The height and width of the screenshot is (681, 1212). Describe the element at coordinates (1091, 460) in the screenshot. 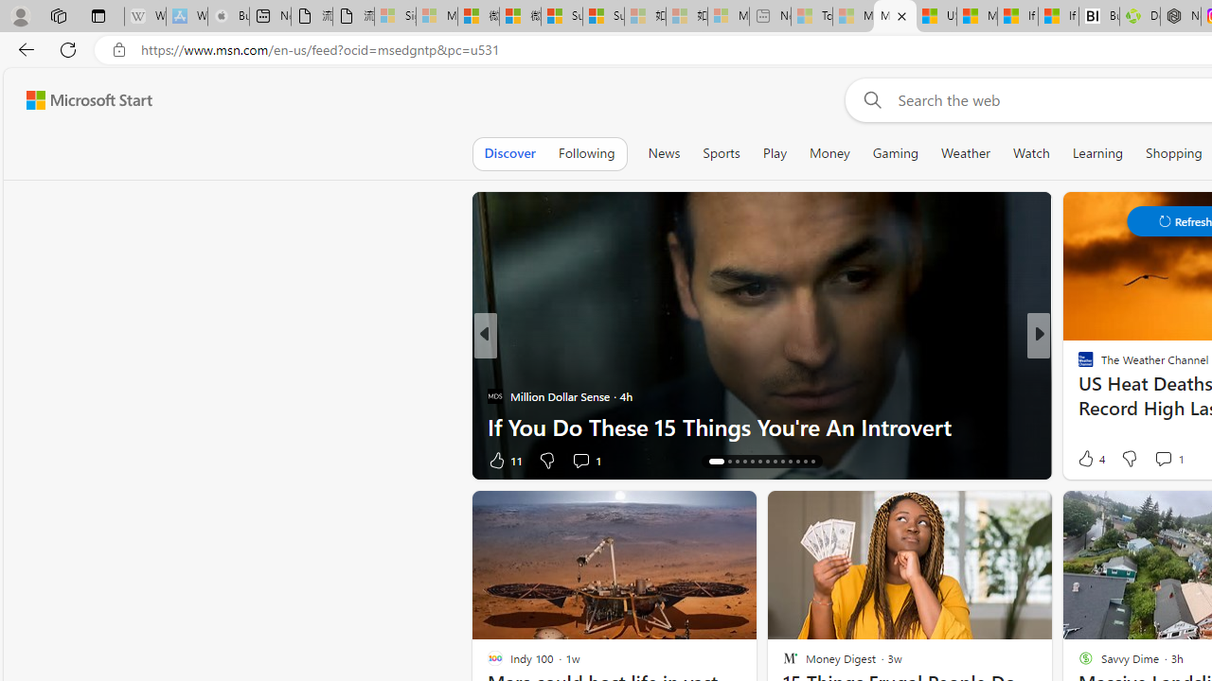

I see `'289 Like'` at that location.